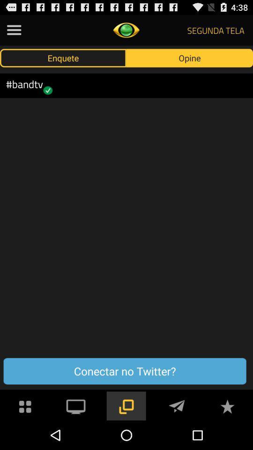 The width and height of the screenshot is (253, 450). Describe the element at coordinates (227, 405) in the screenshot. I see `a favourite` at that location.